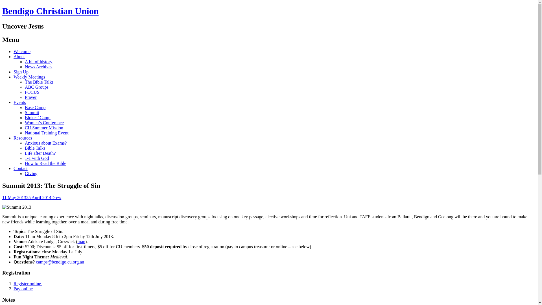 The height and width of the screenshot is (305, 542). Describe the element at coordinates (47, 133) in the screenshot. I see `'National Training Event'` at that location.